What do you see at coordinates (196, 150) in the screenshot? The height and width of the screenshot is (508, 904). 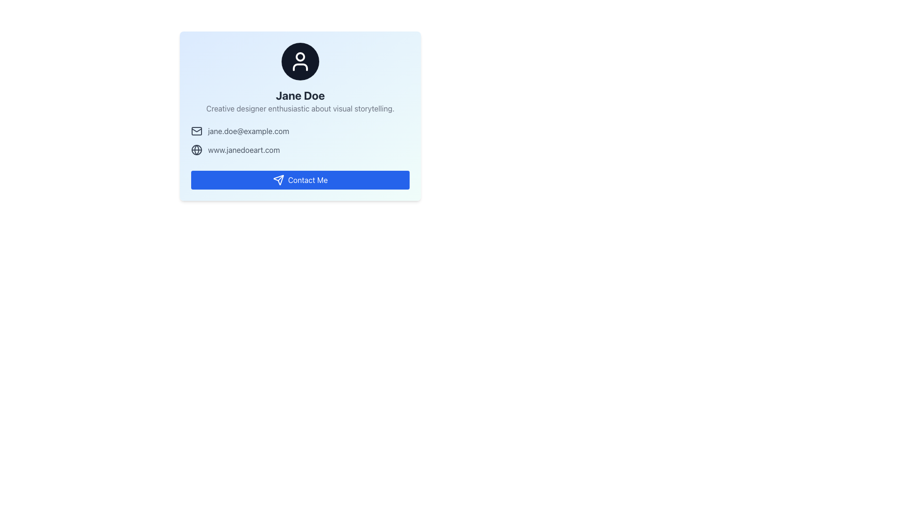 I see `the foremost circular element in the globe icon, which is styled with a grayish tone and located to the left of the 'www.janedoeart.com' text in the contact card` at bounding box center [196, 150].